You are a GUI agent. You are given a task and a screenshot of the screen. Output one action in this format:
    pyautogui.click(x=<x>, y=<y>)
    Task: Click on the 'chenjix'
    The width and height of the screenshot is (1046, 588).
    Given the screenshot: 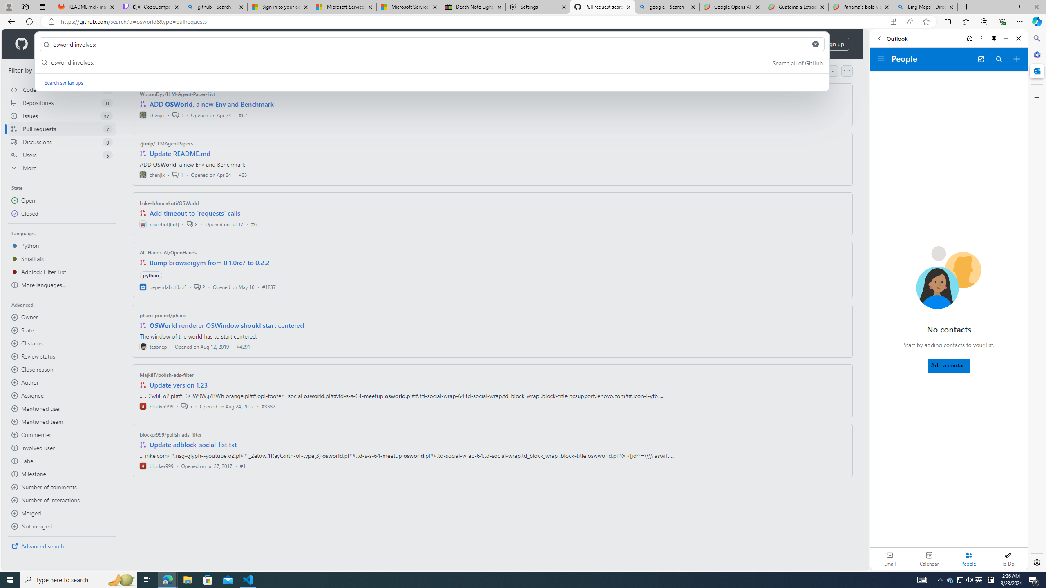 What is the action you would take?
    pyautogui.click(x=152, y=174)
    